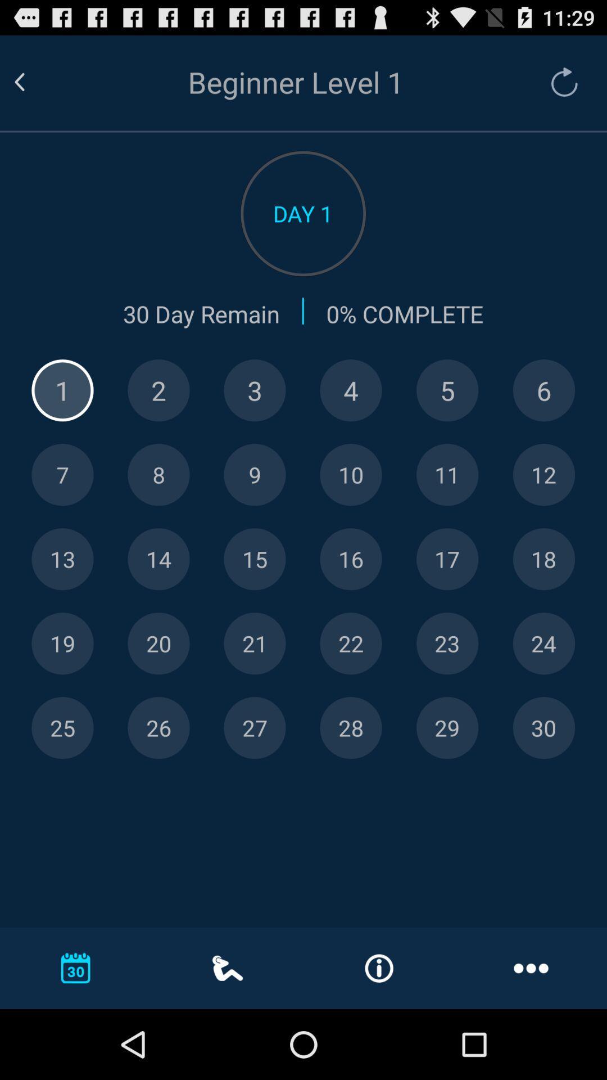 Image resolution: width=607 pixels, height=1080 pixels. What do you see at coordinates (350, 559) in the screenshot?
I see `day` at bounding box center [350, 559].